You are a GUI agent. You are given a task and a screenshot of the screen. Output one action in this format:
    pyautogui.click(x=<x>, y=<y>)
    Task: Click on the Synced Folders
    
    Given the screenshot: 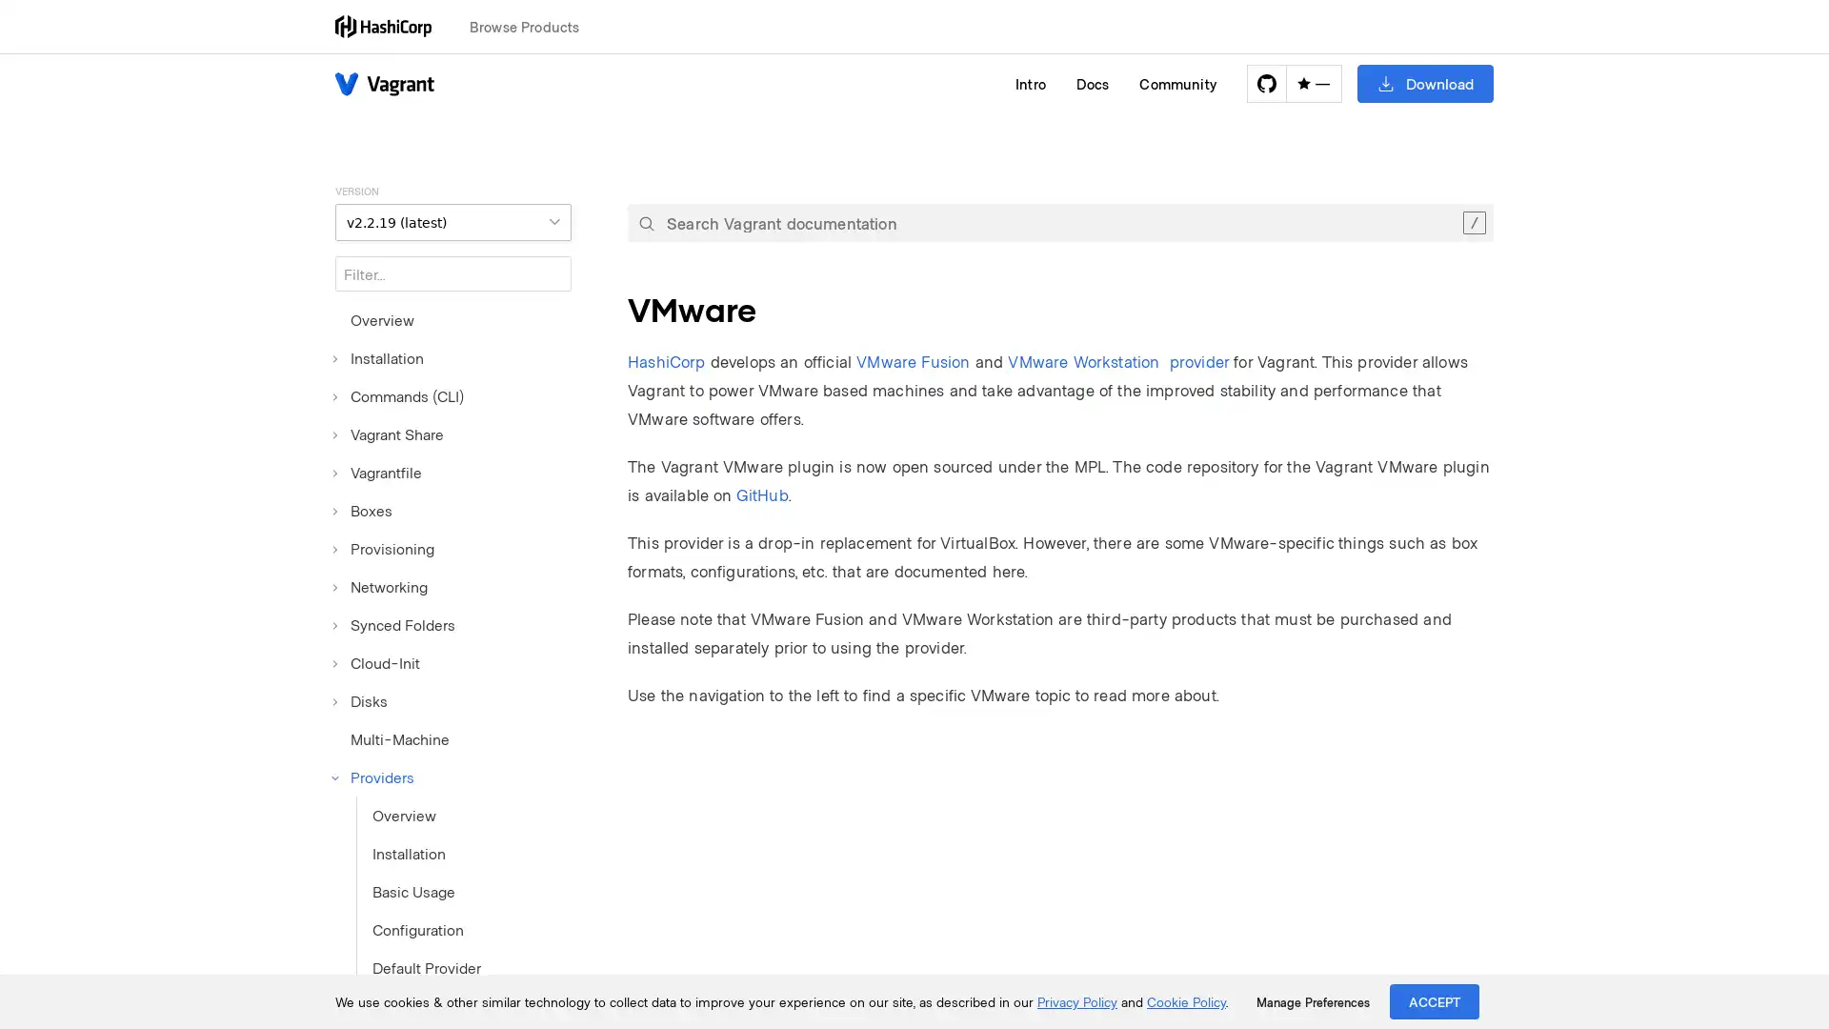 What is the action you would take?
    pyautogui.click(x=393, y=624)
    